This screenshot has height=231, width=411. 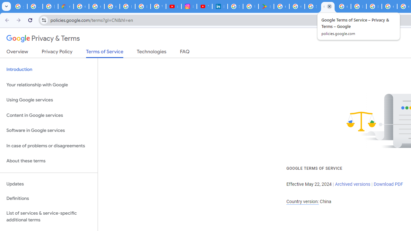 What do you see at coordinates (204, 6) in the screenshot?
I see `'YouTube Culture & Trends - On The Rise: Handcam Videos'` at bounding box center [204, 6].